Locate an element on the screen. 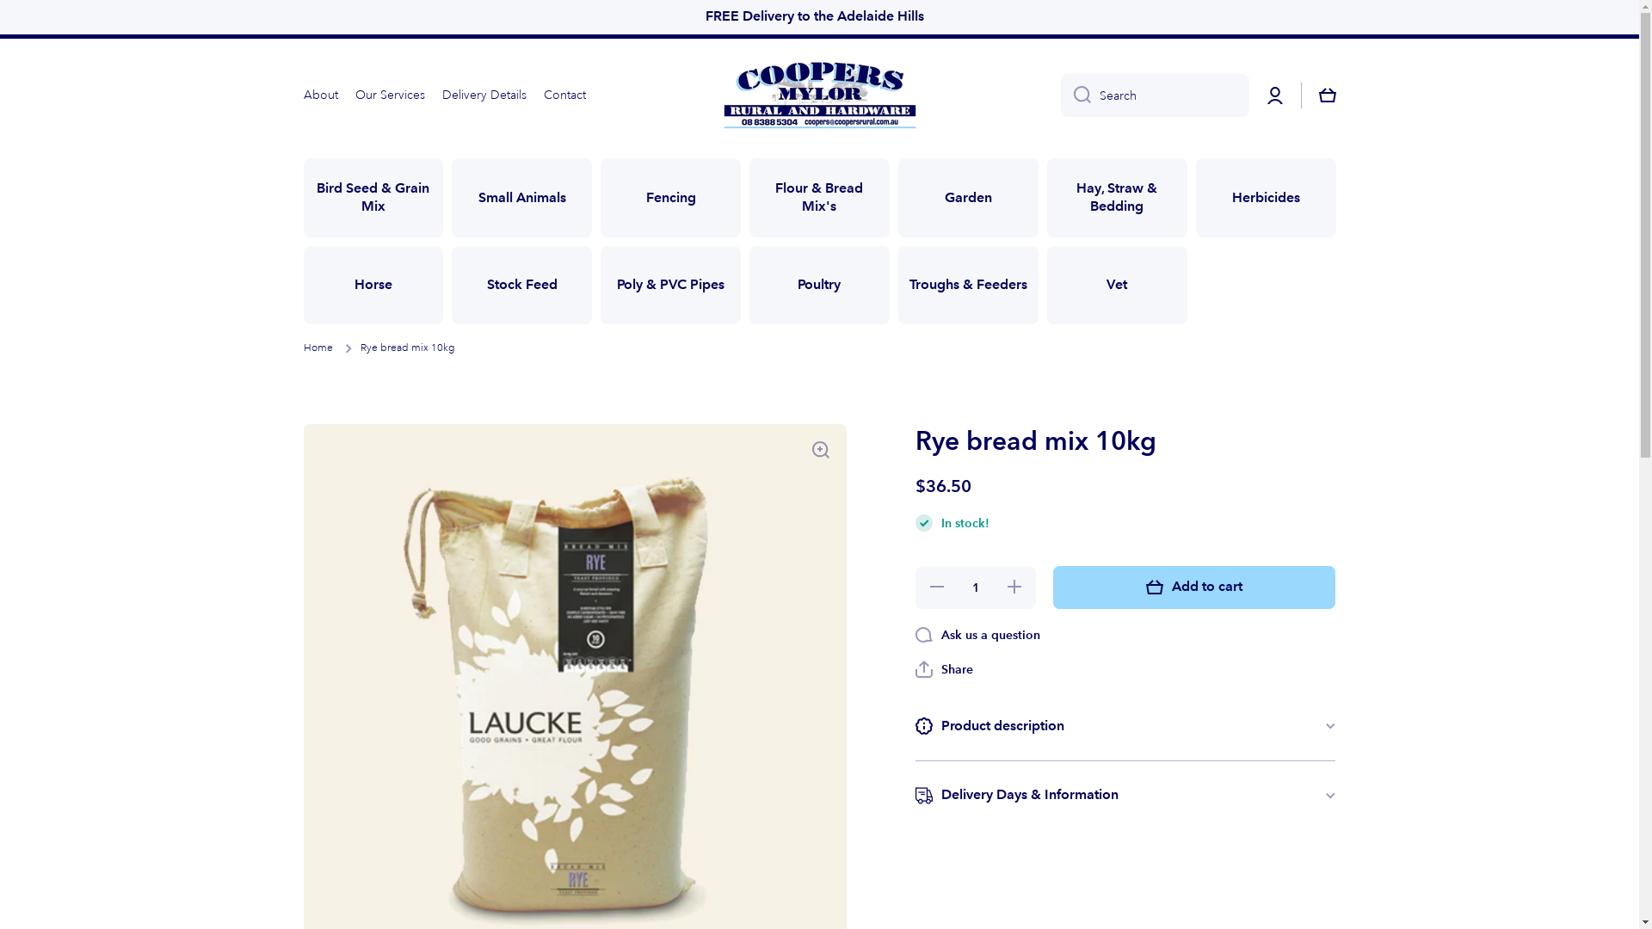  'Herbicides' is located at coordinates (1266, 197).